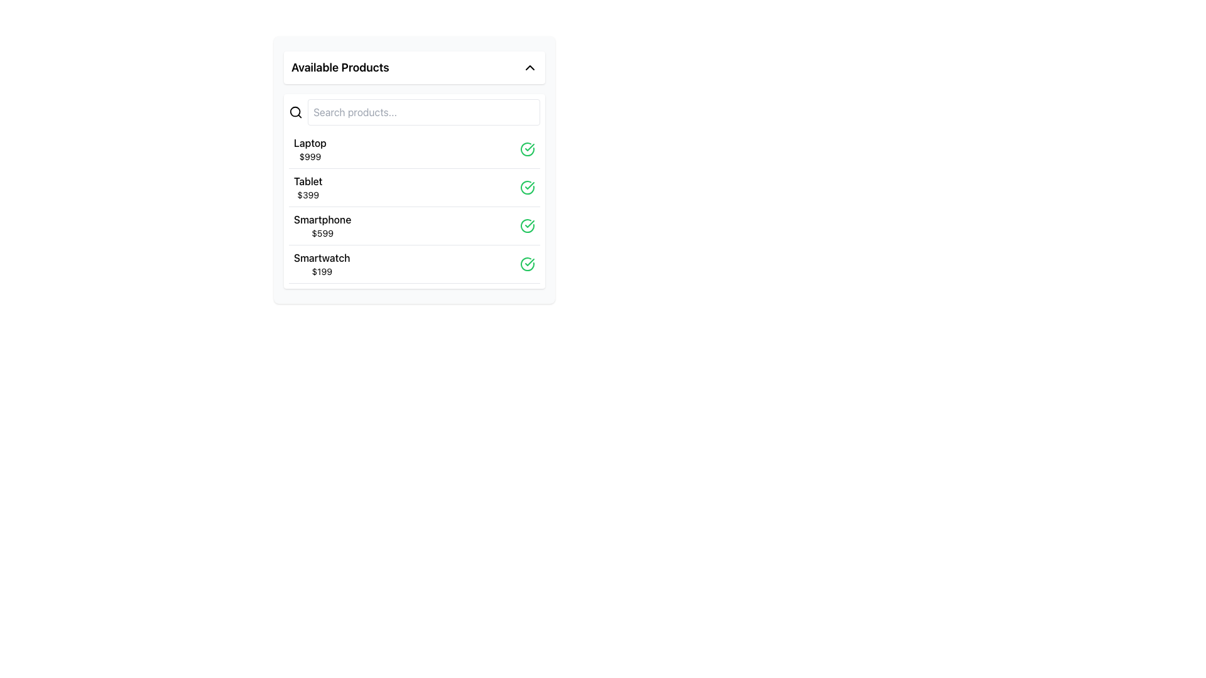 The width and height of the screenshot is (1206, 678). Describe the element at coordinates (415, 264) in the screenshot. I see `to select the 'Smartwatch' list item priced at '$199', which is the fourth item in a vertical list of products` at that location.